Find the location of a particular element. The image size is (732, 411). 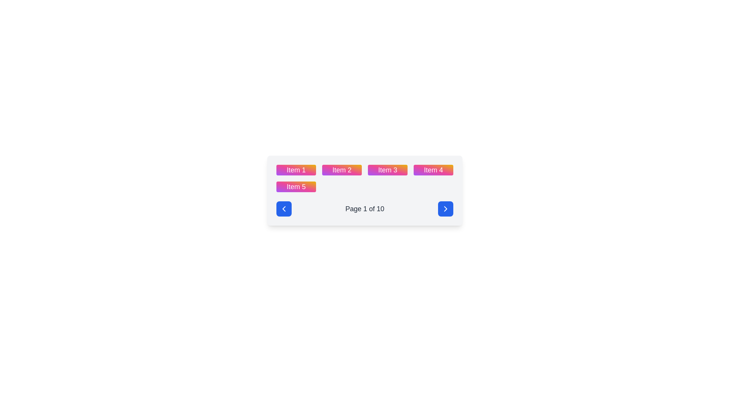

the 'Item 1' button-like component, which has a vibrant gradient background and white bold text, located at the top-left corner of the grid is located at coordinates (296, 170).